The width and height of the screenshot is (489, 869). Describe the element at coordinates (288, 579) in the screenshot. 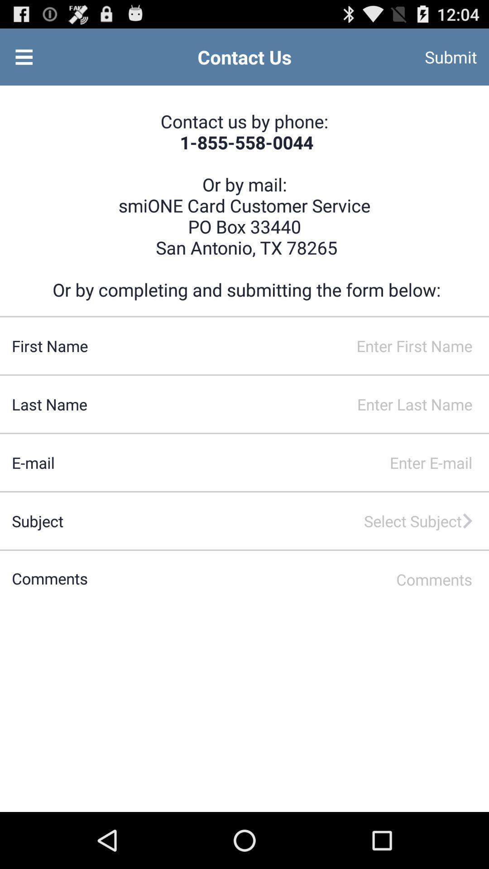

I see `type in comments` at that location.